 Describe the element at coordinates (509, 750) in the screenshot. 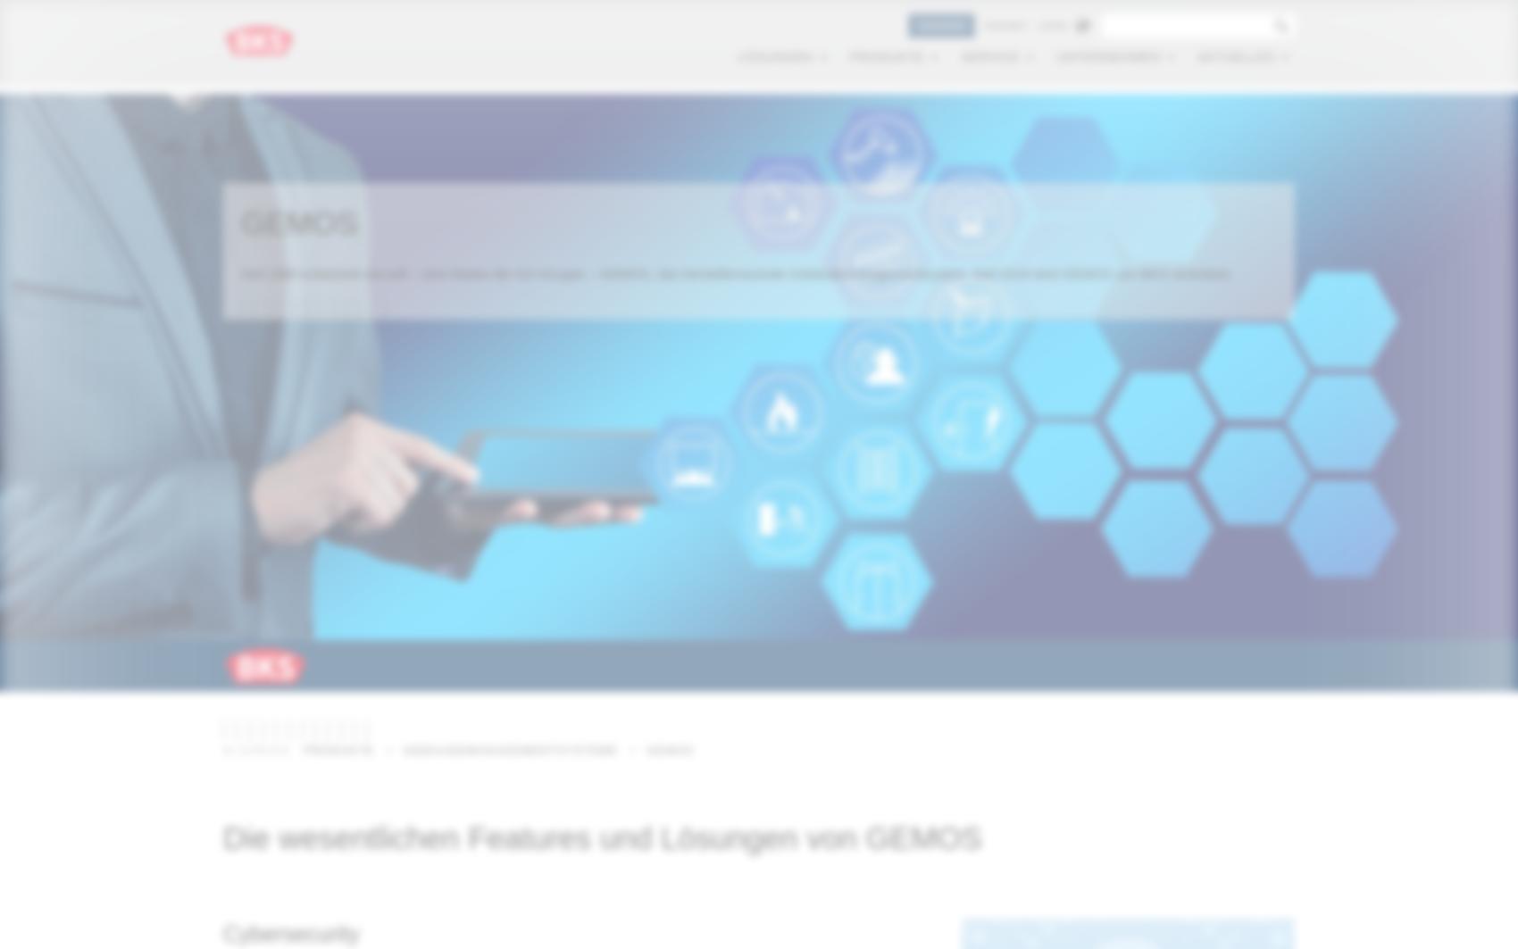

I see `'Gebäudemanagementsysteme'` at that location.